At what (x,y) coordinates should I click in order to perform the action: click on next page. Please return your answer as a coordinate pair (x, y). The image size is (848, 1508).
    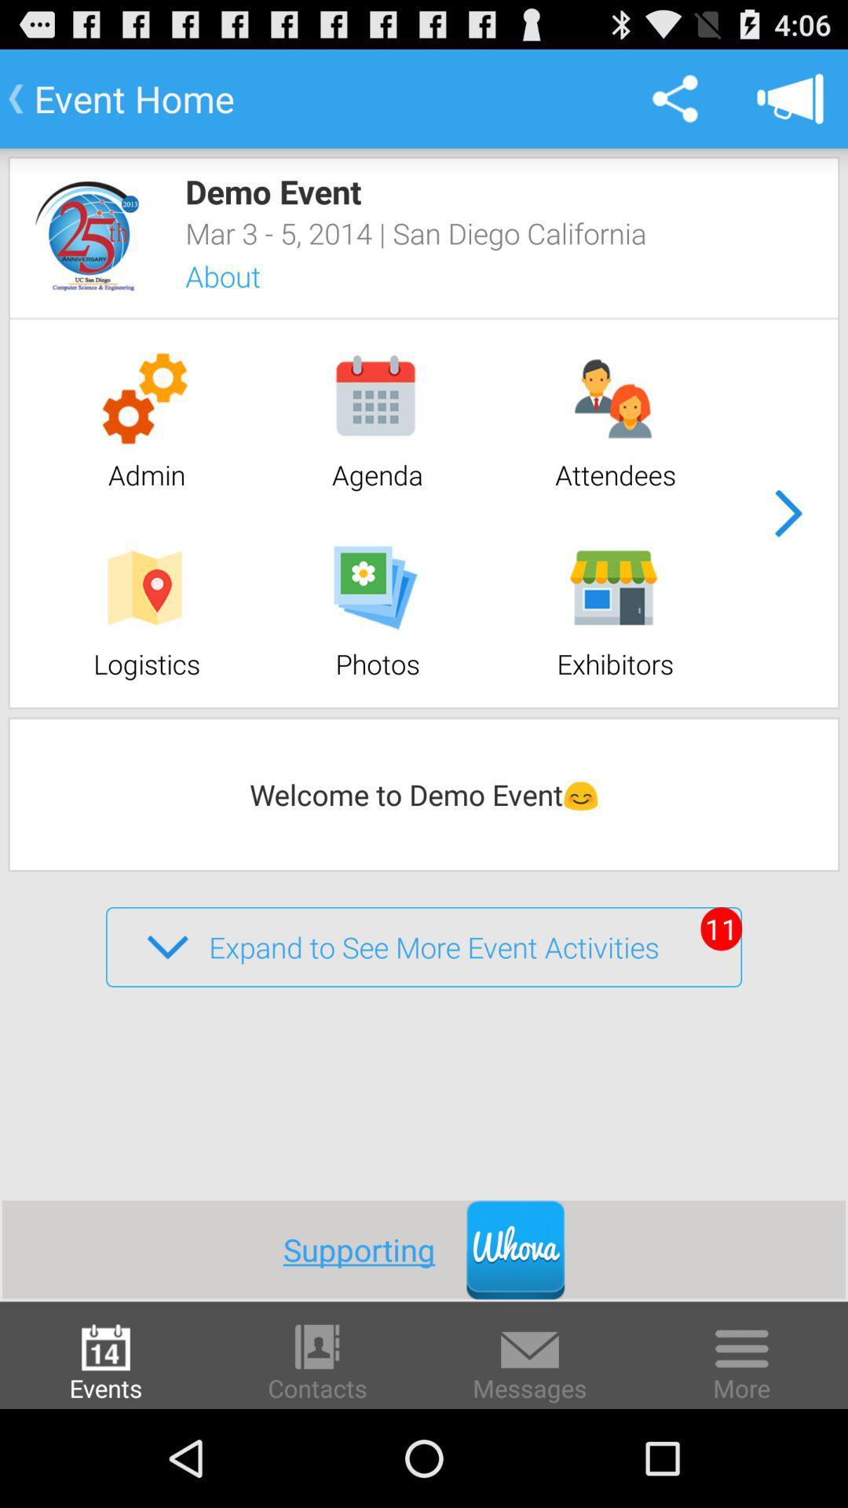
    Looking at the image, I should click on (788, 513).